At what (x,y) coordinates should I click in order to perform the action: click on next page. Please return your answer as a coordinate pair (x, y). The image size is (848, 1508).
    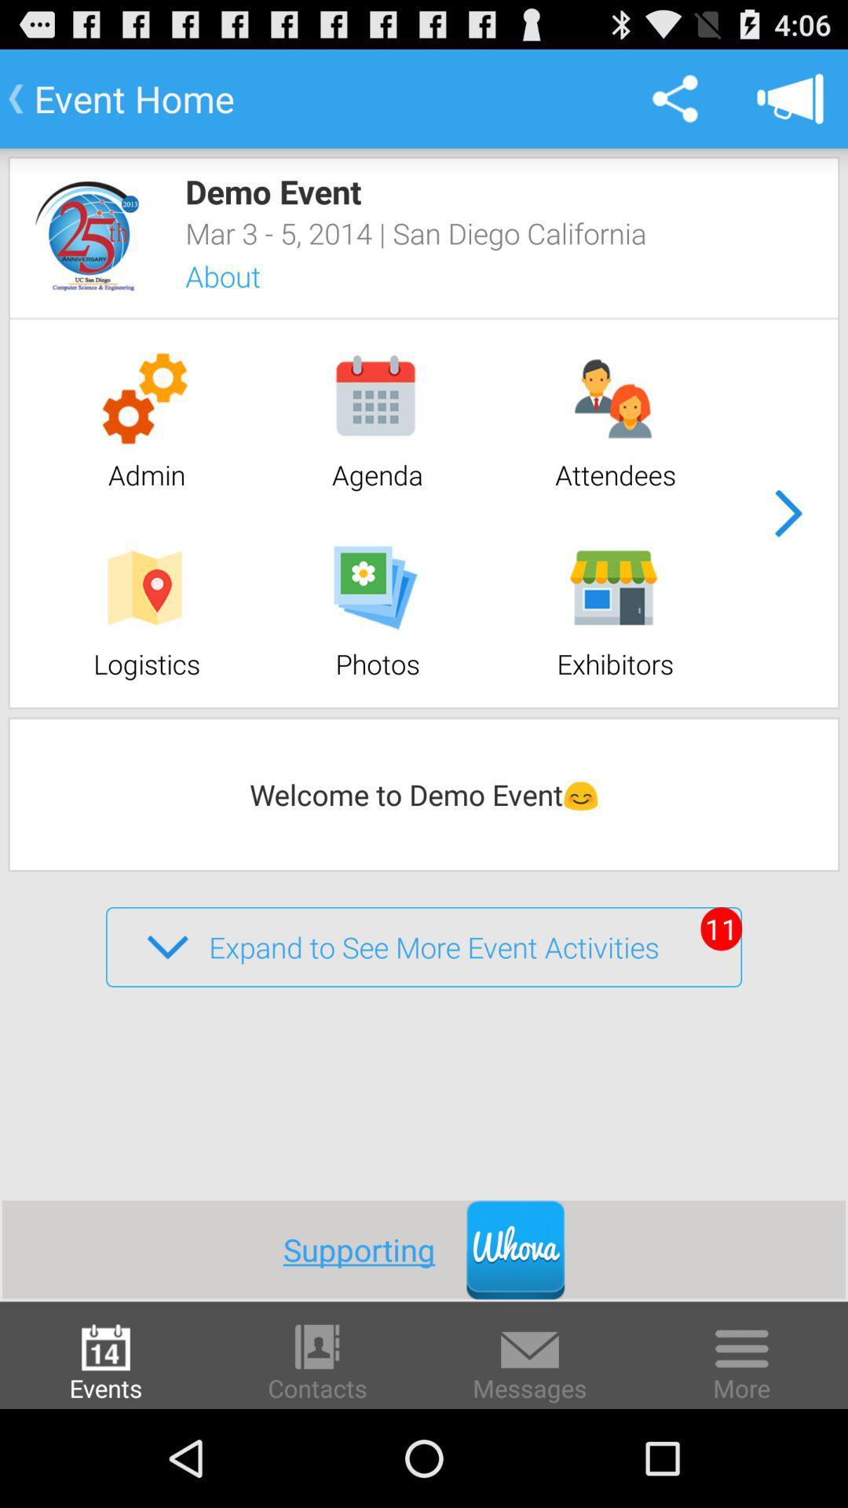
    Looking at the image, I should click on (788, 513).